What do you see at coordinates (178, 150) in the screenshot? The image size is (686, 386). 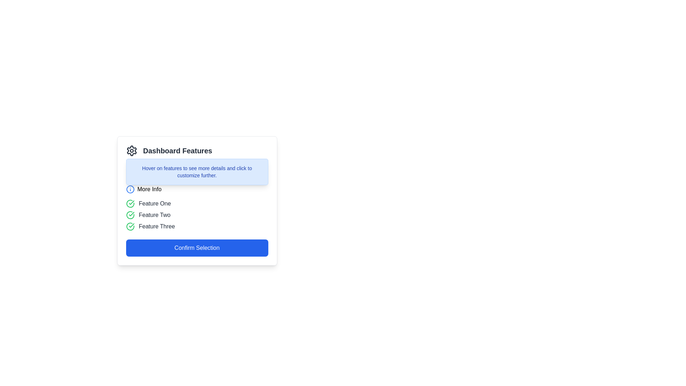 I see `the text label that serves as a title or header, located to the right of an icon` at bounding box center [178, 150].